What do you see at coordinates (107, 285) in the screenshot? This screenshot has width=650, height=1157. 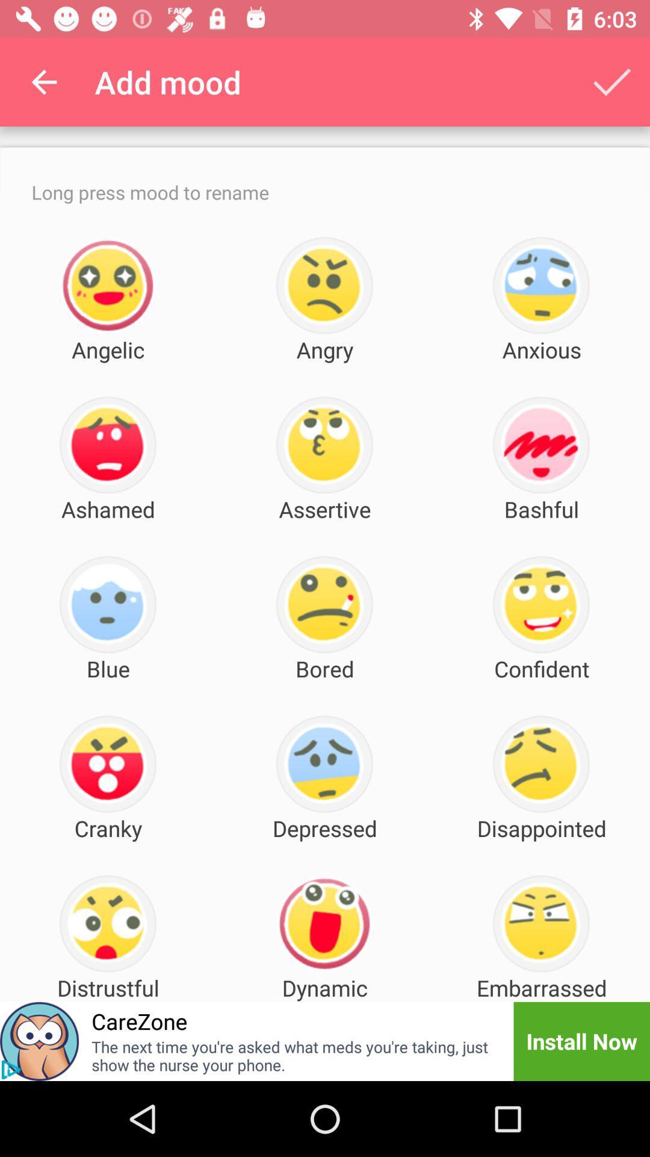 I see `the icon above angelic` at bounding box center [107, 285].